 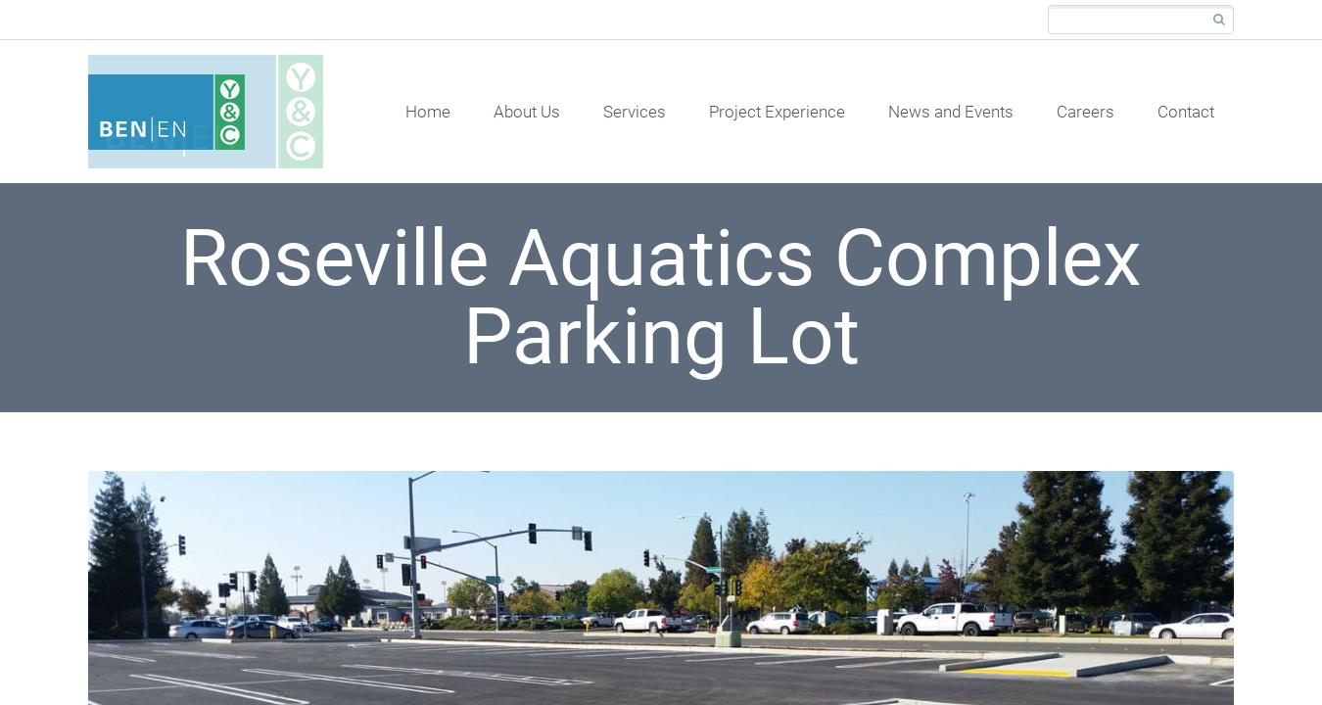 What do you see at coordinates (1184, 111) in the screenshot?
I see `'Contact'` at bounding box center [1184, 111].